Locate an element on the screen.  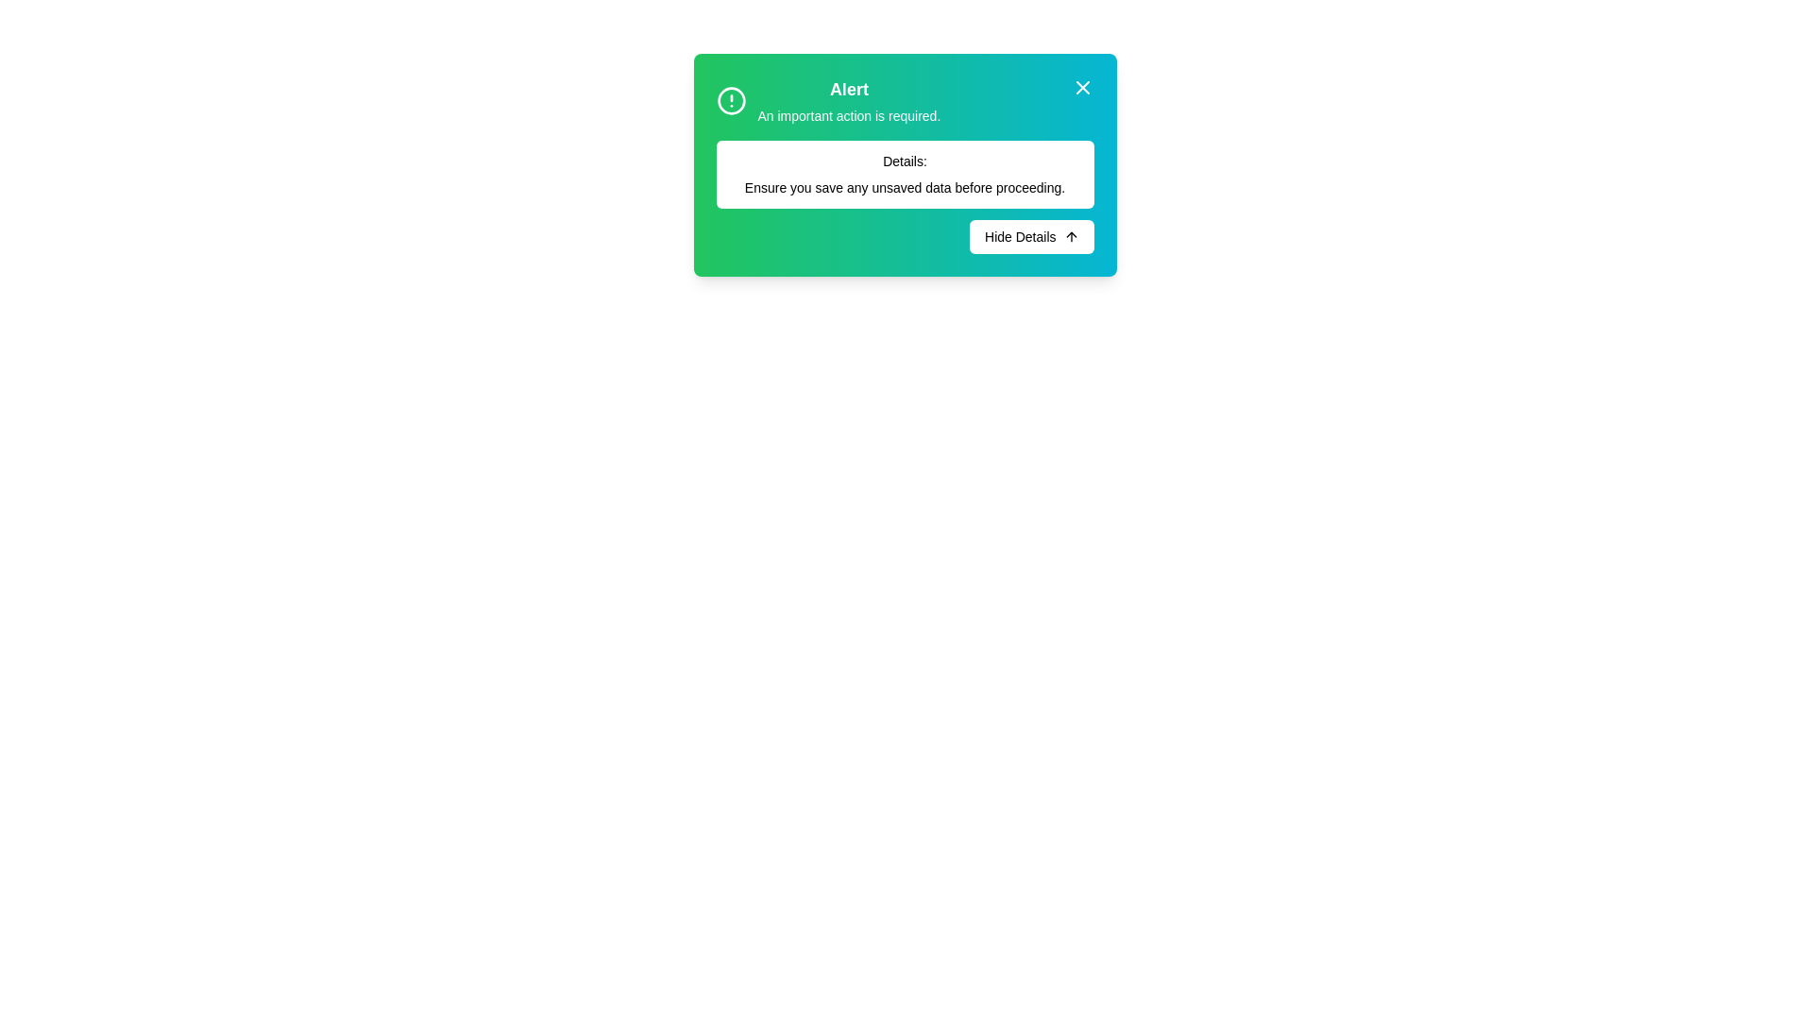
the Text Label element that introduces the associated information within the notification box, which has a white background and black text color is located at coordinates (904, 160).